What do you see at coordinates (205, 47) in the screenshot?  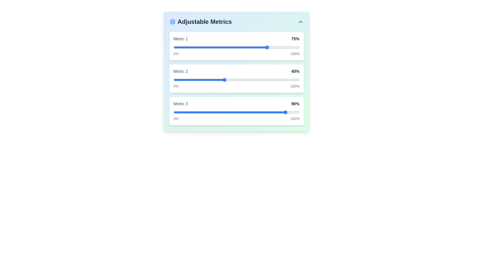 I see `the slider` at bounding box center [205, 47].